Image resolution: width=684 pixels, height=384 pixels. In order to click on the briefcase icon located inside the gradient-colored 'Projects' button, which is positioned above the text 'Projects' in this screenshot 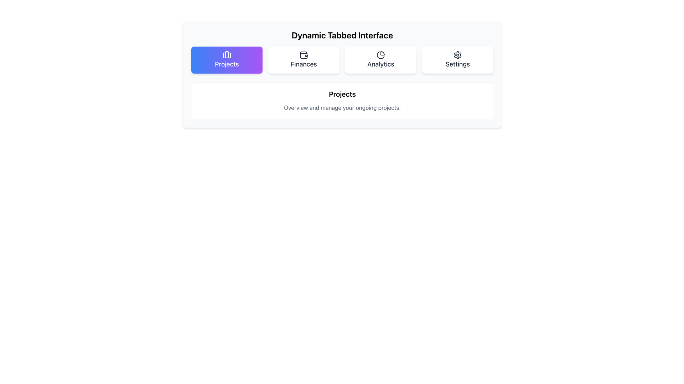, I will do `click(227, 54)`.